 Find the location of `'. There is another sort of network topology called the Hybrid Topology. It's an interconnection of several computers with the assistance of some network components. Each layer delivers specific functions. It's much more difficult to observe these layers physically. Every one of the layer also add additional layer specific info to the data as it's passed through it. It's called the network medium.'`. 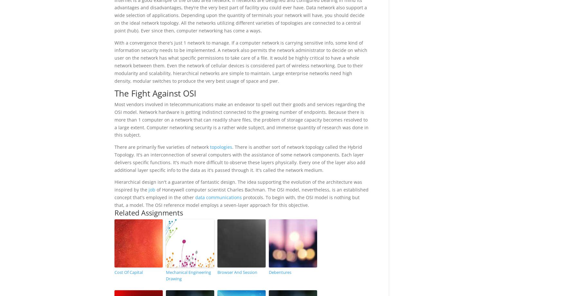

'. There is another sort of network topology called the Hybrid Topology. It's an interconnection of several computers with the assistance of some network components. Each layer delivers specific functions. It's much more difficult to observe these layers physically. Every one of the layer also add additional layer specific info to the data as it's passed through it. It's called the network medium.' is located at coordinates (114, 158).